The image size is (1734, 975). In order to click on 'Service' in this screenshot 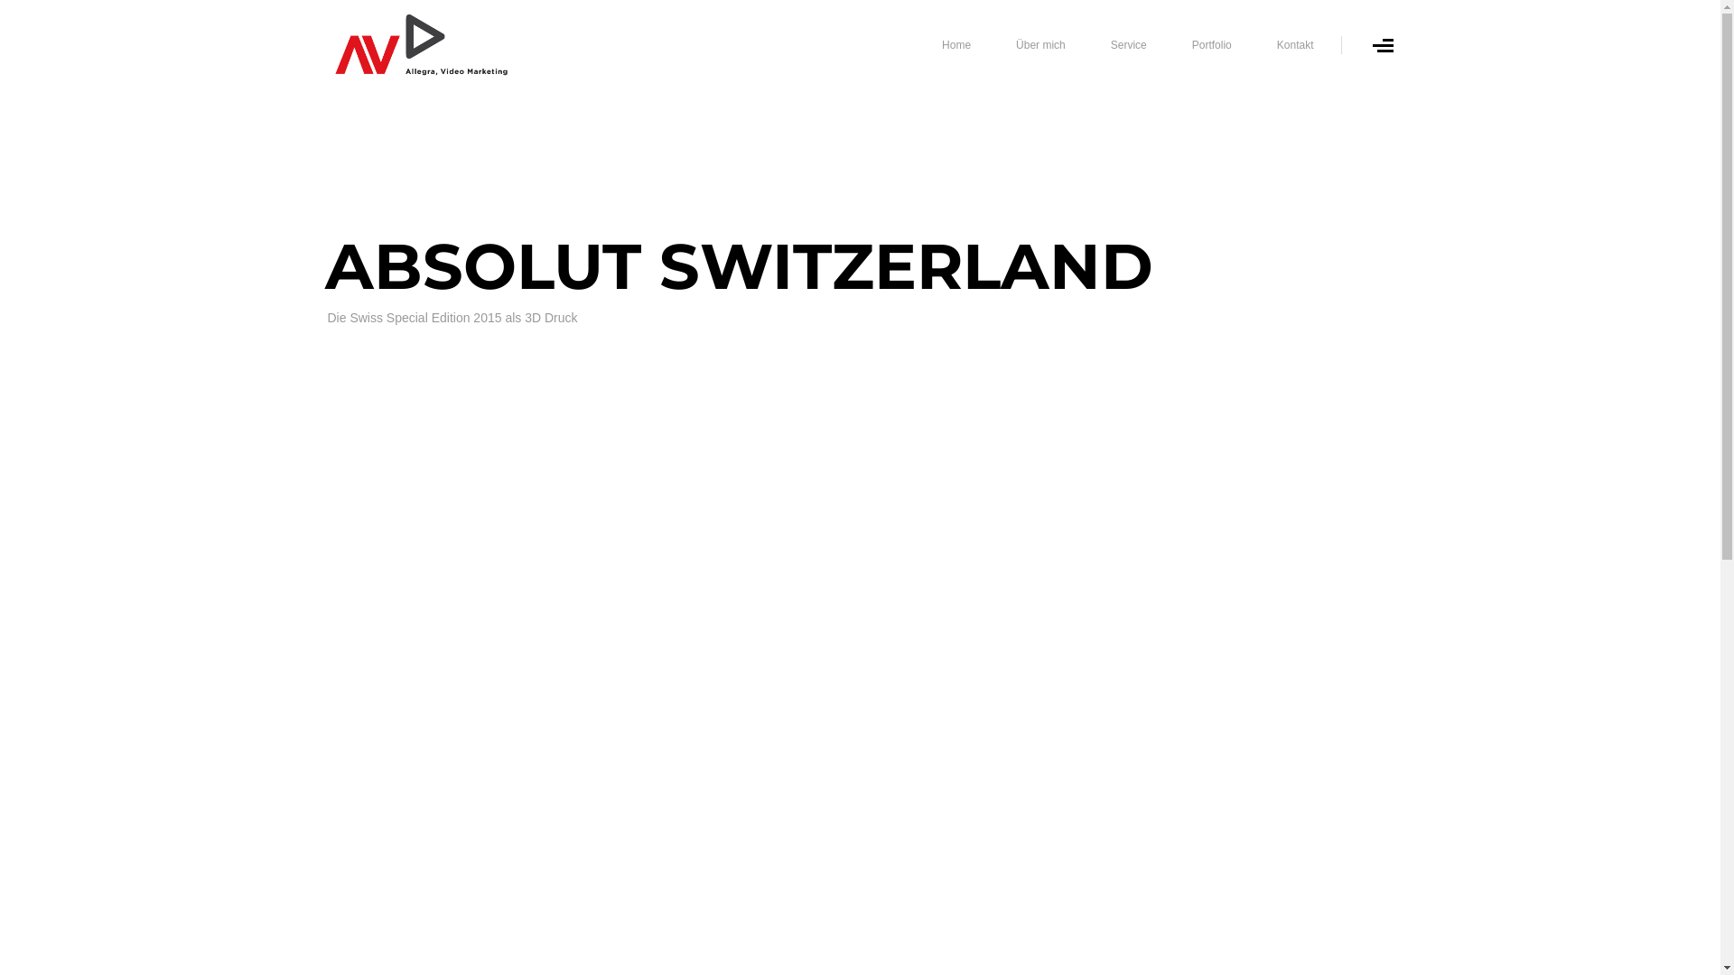, I will do `click(1127, 44)`.